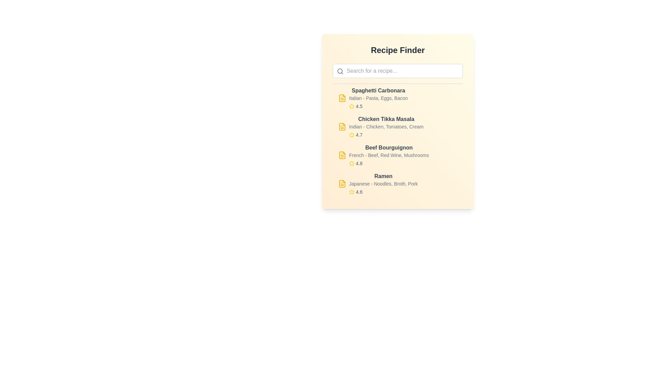  I want to click on the yellow star icon indicating a rating of '4.8' for the recipe 'Beef Bourguignon', so click(352, 163).